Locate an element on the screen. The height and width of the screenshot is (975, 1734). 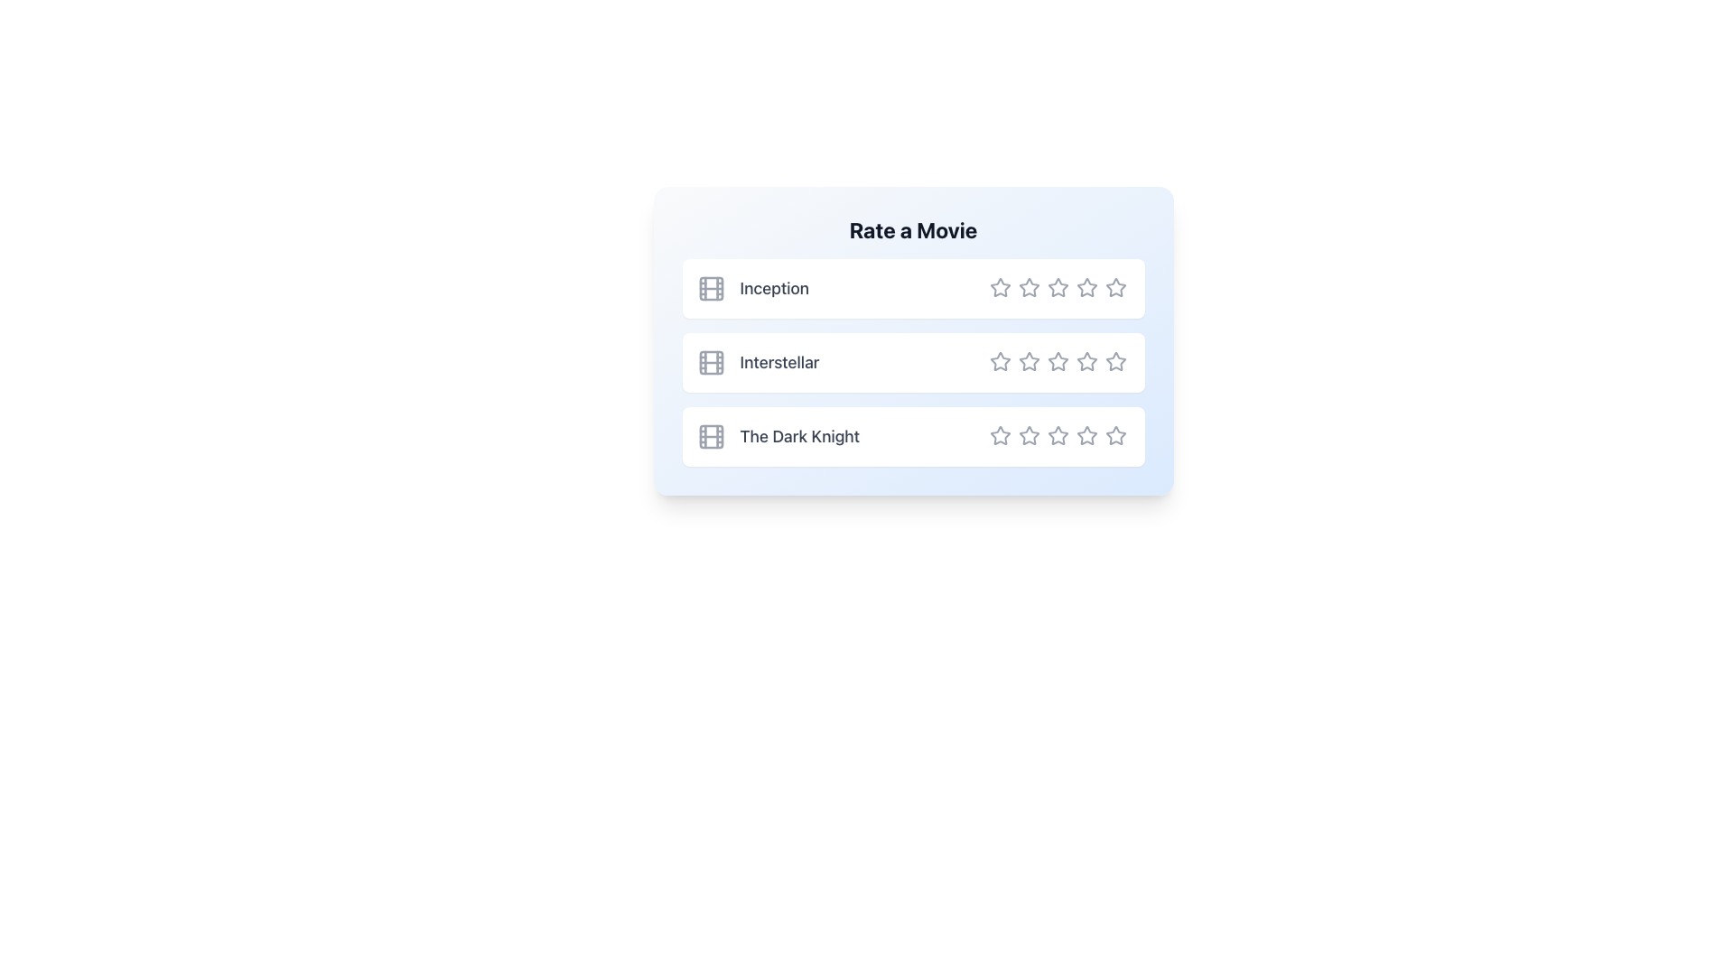
the third star icon in the row for rating the movie 'Interstellar' as part of a rating system is located at coordinates (999, 362).